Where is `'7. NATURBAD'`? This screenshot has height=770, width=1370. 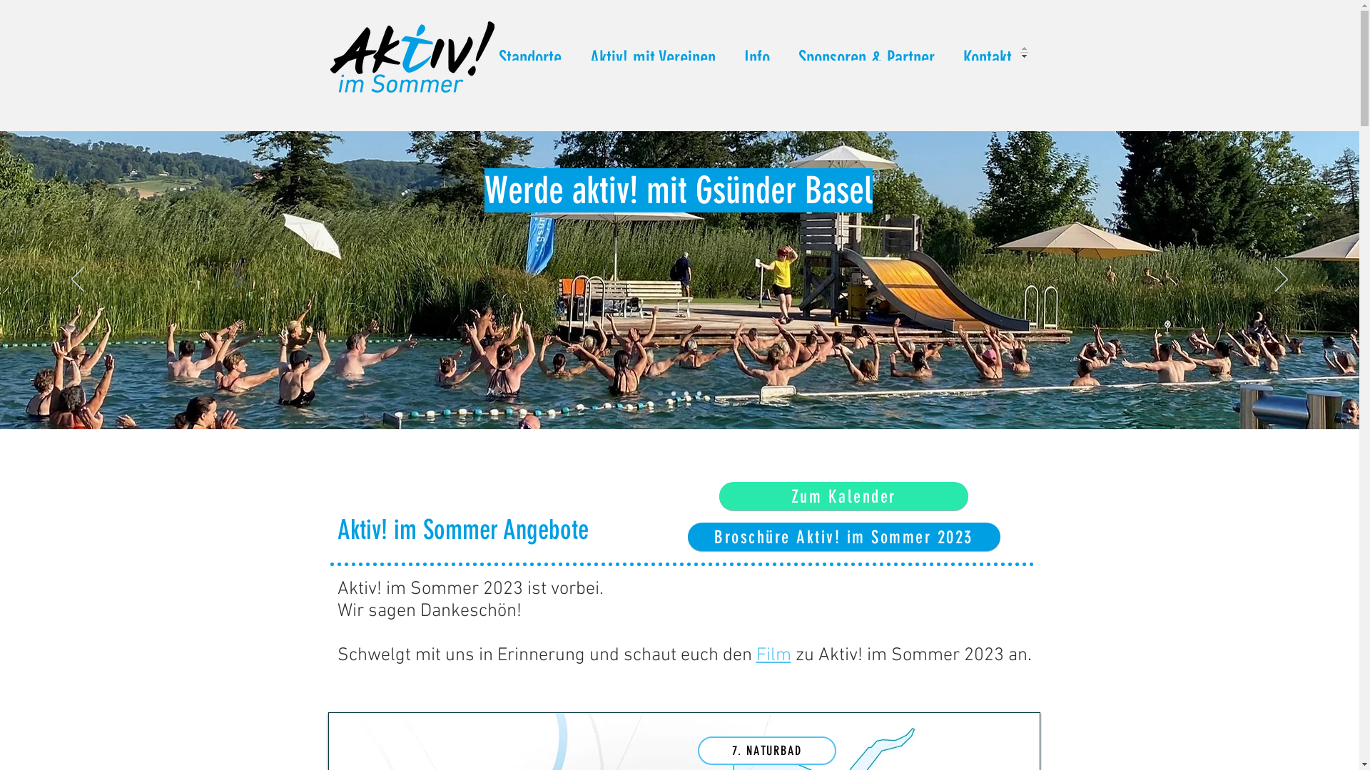 '7. NATURBAD' is located at coordinates (766, 750).